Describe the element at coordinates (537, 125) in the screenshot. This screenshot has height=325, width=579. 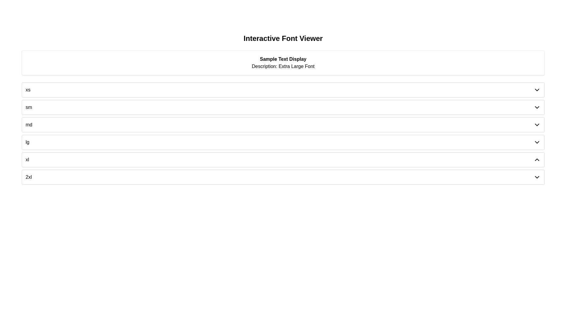
I see `the downward-pointing chevron icon on the far-right side of the 'md' dropdown list entry` at that location.